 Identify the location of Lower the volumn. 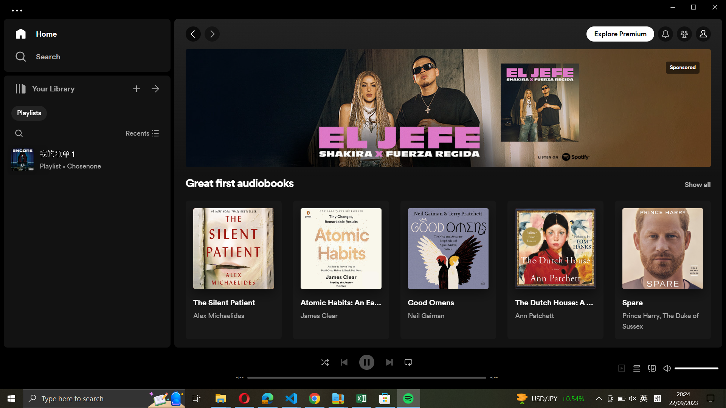
(677, 368).